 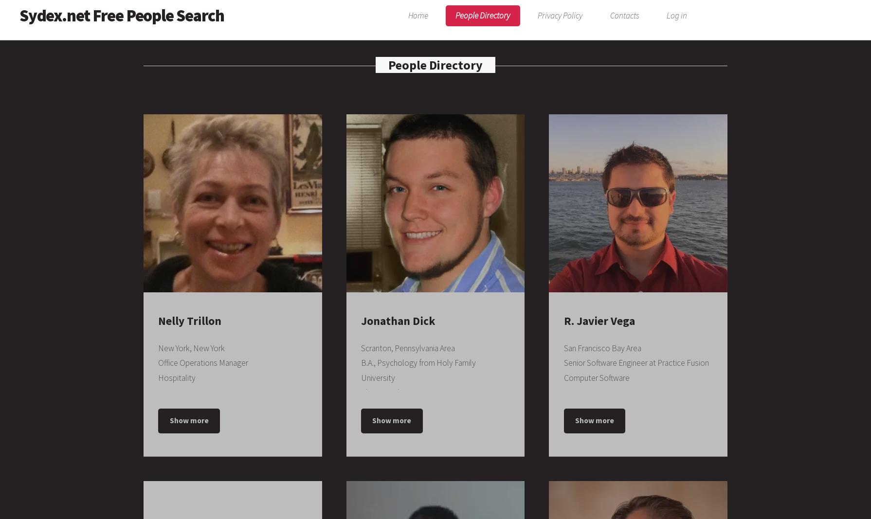 What do you see at coordinates (360, 347) in the screenshot?
I see `'Scranton, Pennsylvania Area'` at bounding box center [360, 347].